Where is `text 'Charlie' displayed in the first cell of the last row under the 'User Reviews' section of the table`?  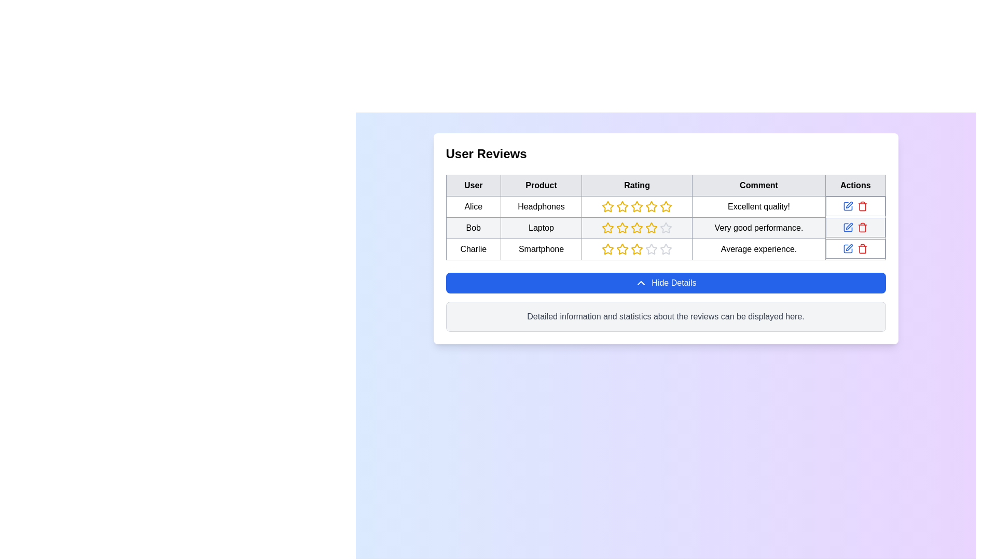 text 'Charlie' displayed in the first cell of the last row under the 'User Reviews' section of the table is located at coordinates (473, 249).